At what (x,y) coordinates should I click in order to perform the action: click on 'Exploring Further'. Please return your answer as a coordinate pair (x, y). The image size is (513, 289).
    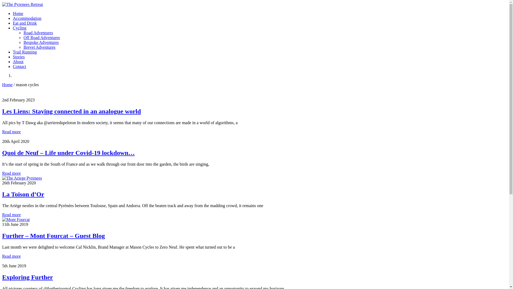
    Looking at the image, I should click on (27, 277).